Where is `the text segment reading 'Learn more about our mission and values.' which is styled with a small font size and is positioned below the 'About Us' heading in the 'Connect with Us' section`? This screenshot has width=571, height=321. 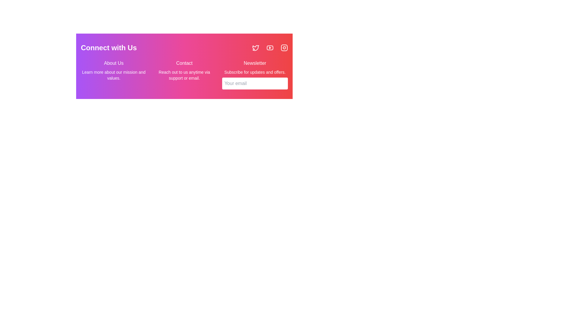
the text segment reading 'Learn more about our mission and values.' which is styled with a small font size and is positioned below the 'About Us' heading in the 'Connect with Us' section is located at coordinates (114, 75).